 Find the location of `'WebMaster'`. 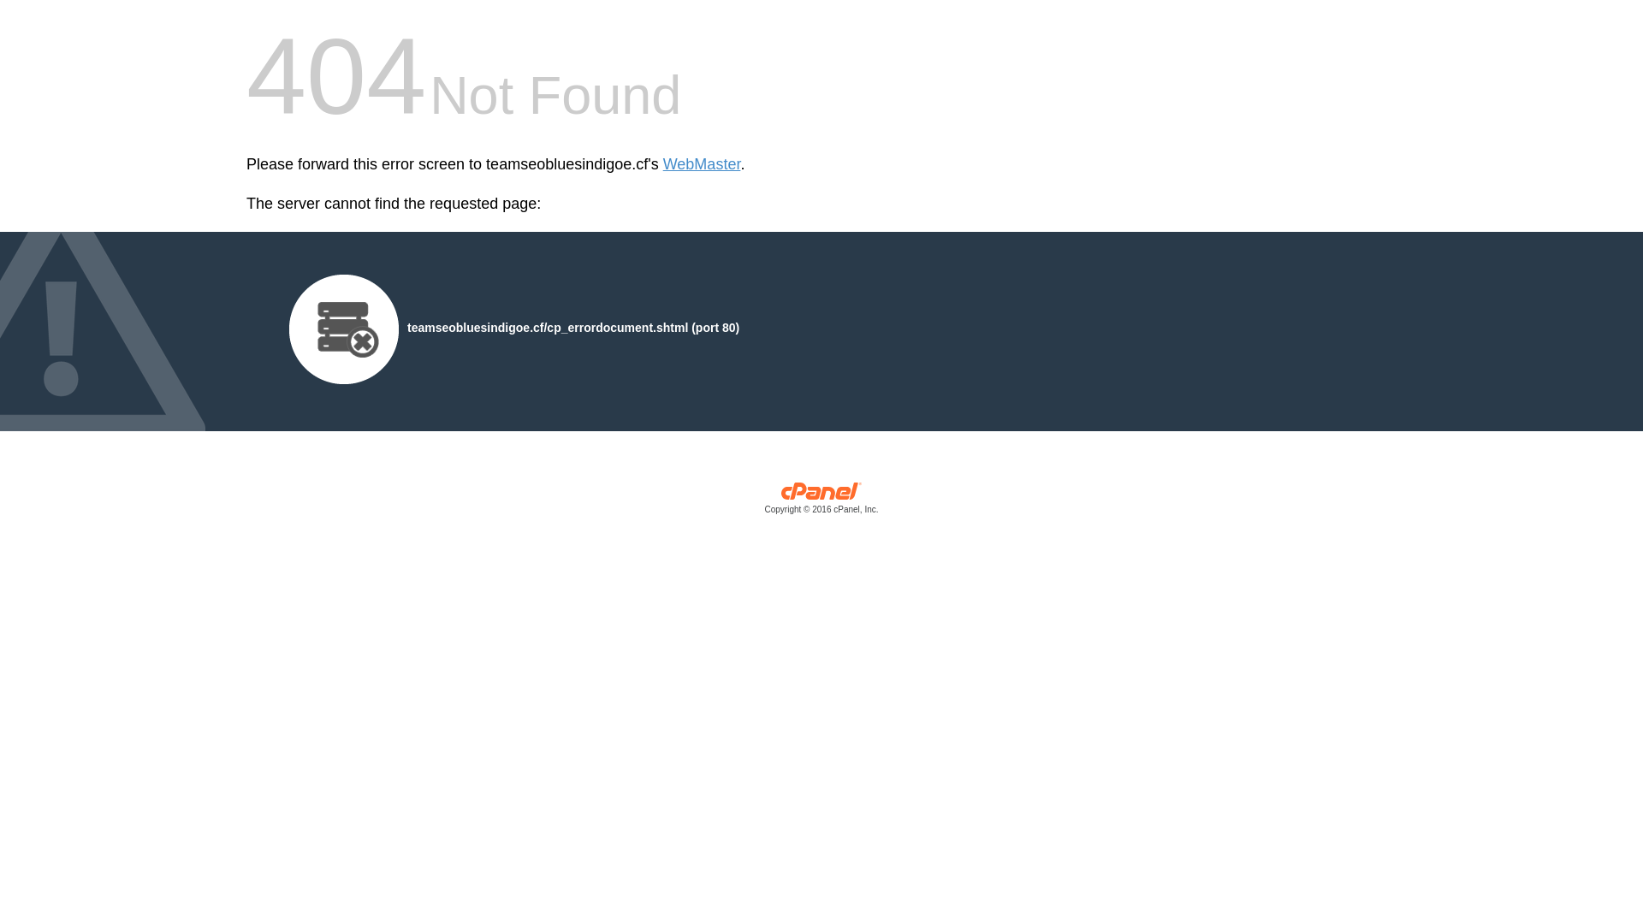

'WebMaster' is located at coordinates (702, 164).